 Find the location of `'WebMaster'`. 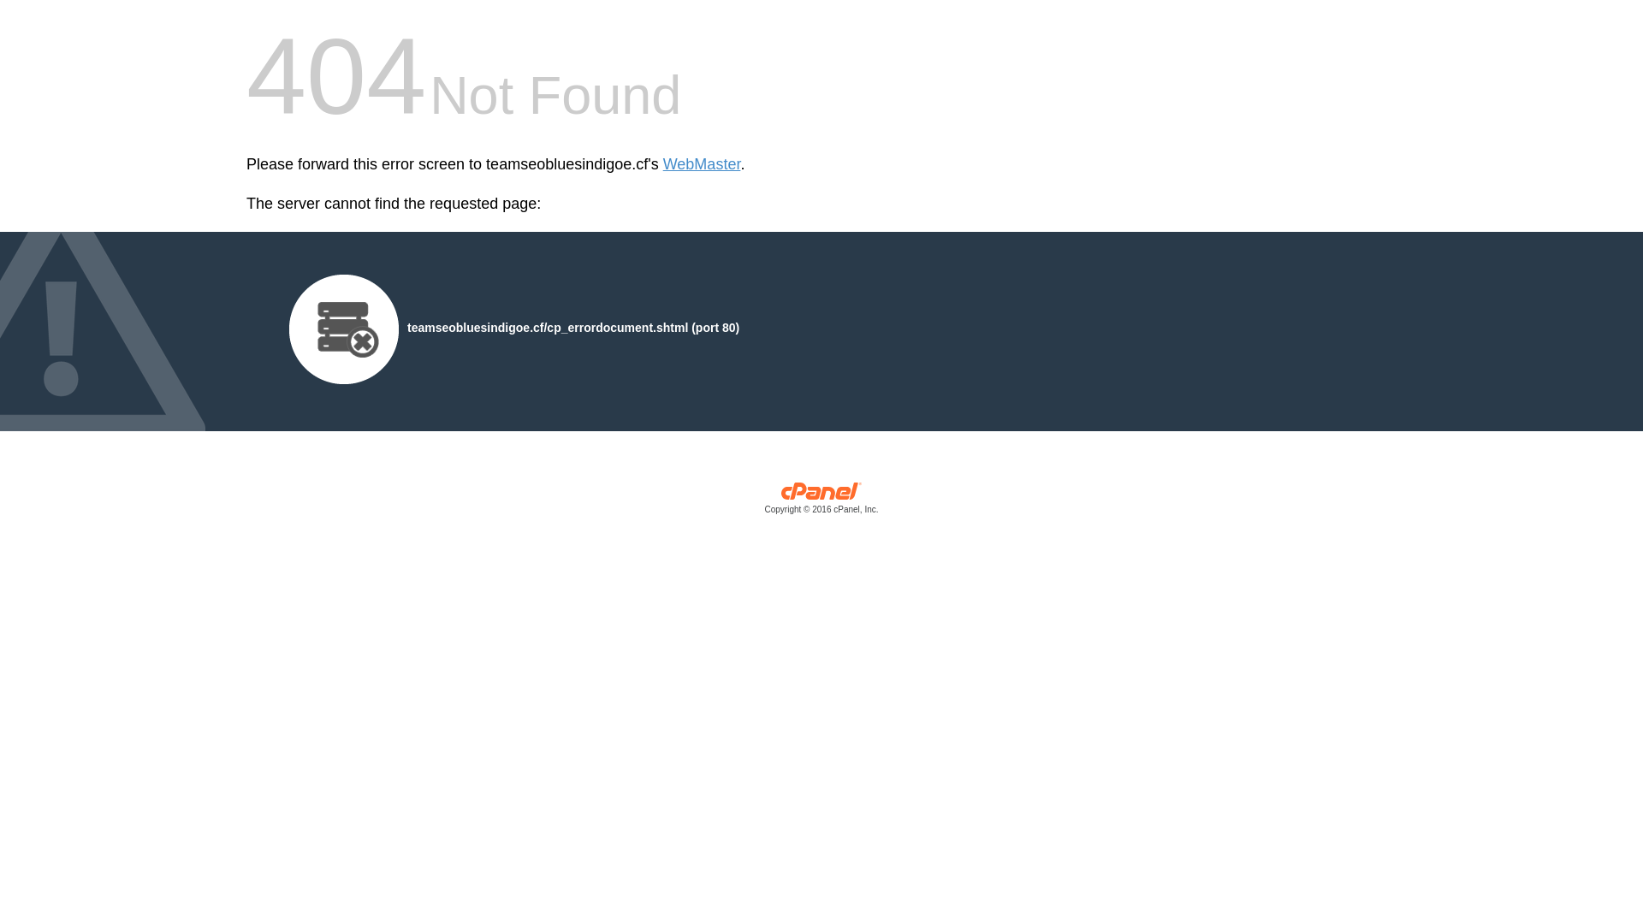

'WebMaster' is located at coordinates (702, 164).